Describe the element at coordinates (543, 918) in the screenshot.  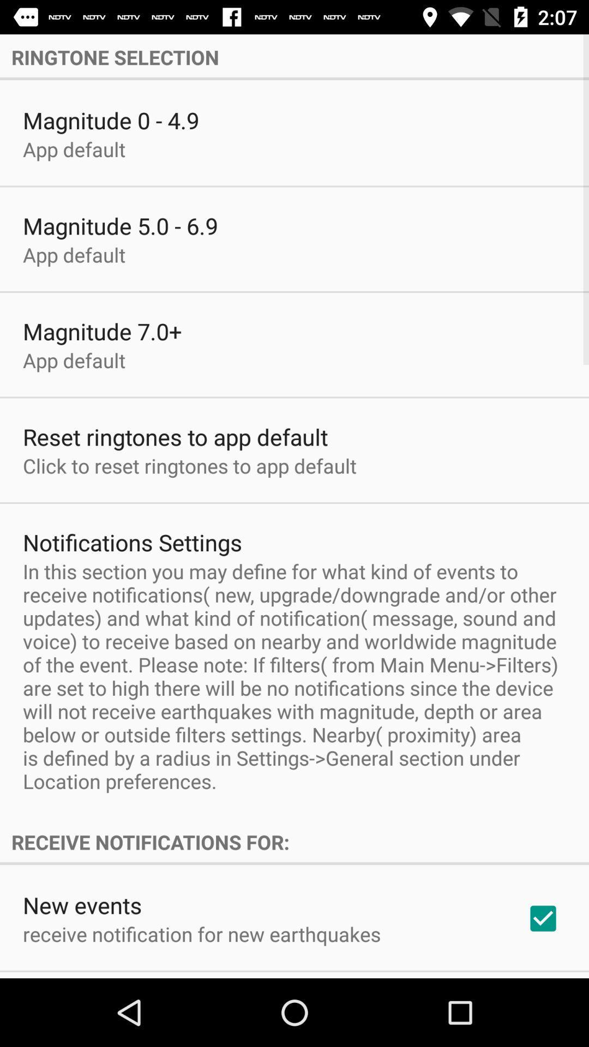
I see `icon to the right of the receive notification for` at that location.